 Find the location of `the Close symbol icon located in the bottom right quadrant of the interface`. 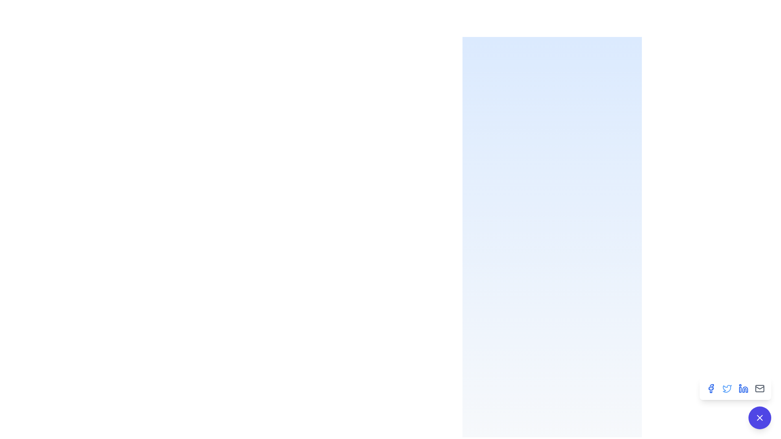

the Close symbol icon located in the bottom right quadrant of the interface is located at coordinates (759, 418).